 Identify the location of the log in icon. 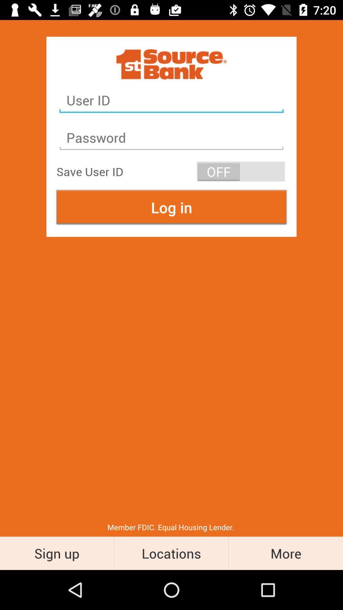
(171, 207).